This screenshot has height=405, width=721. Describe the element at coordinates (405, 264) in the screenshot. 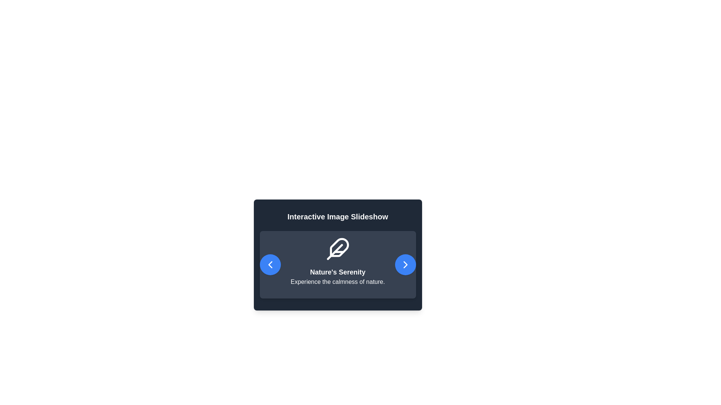

I see `the navigation button that advances to the next slide in the slideshow` at that location.